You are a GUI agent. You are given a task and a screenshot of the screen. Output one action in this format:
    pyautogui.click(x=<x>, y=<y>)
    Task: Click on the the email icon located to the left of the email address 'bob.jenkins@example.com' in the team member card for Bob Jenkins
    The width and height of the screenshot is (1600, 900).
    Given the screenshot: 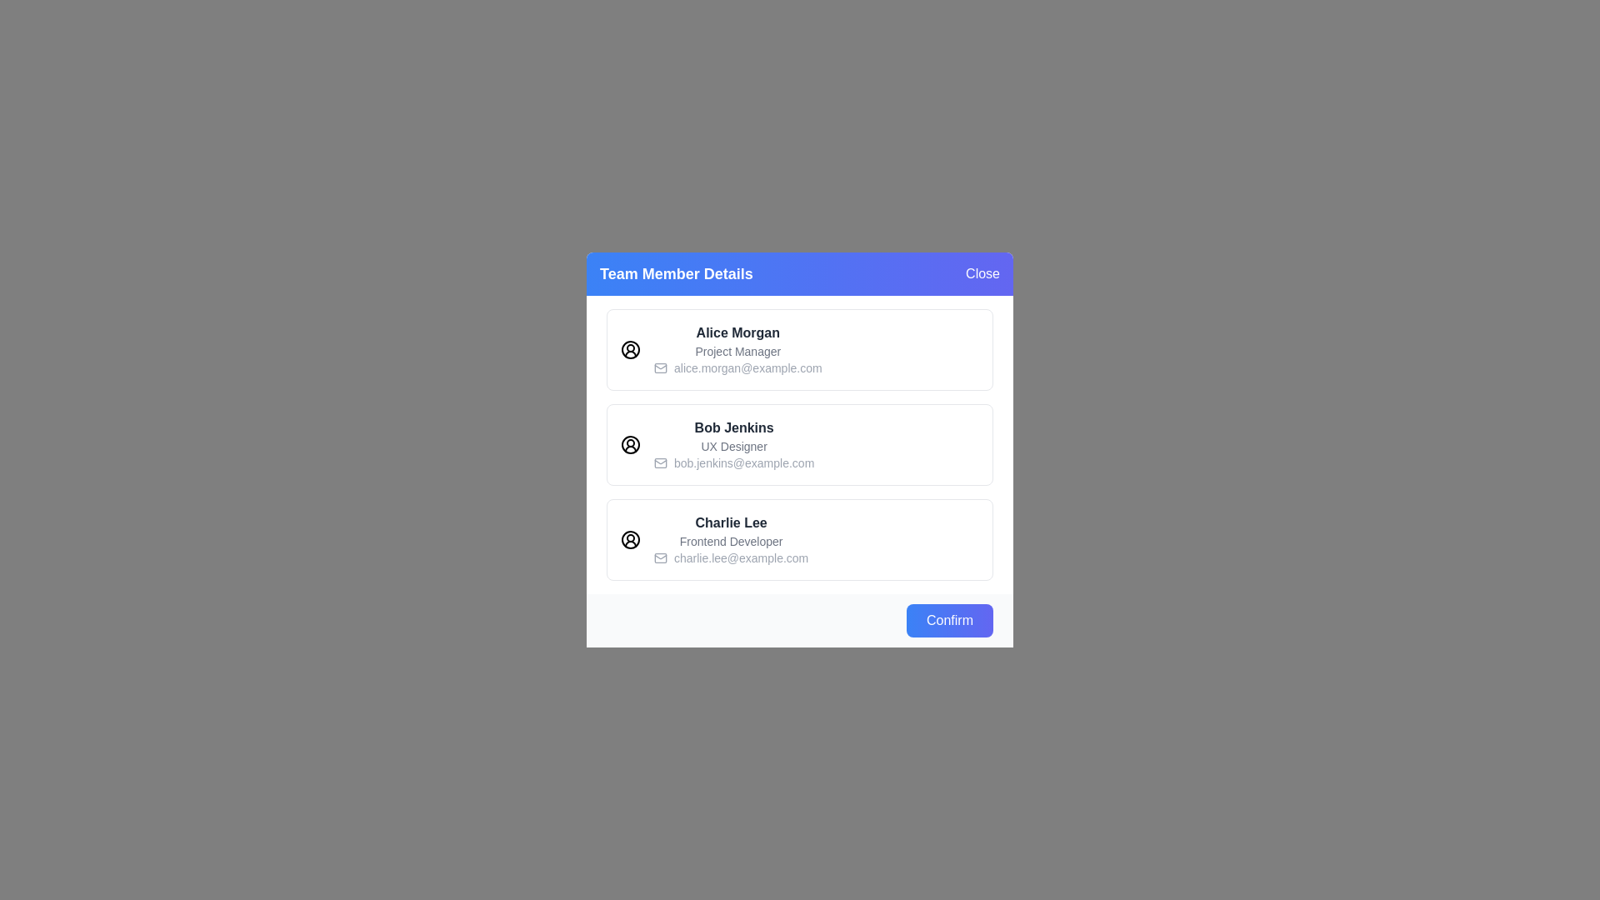 What is the action you would take?
    pyautogui.click(x=659, y=462)
    